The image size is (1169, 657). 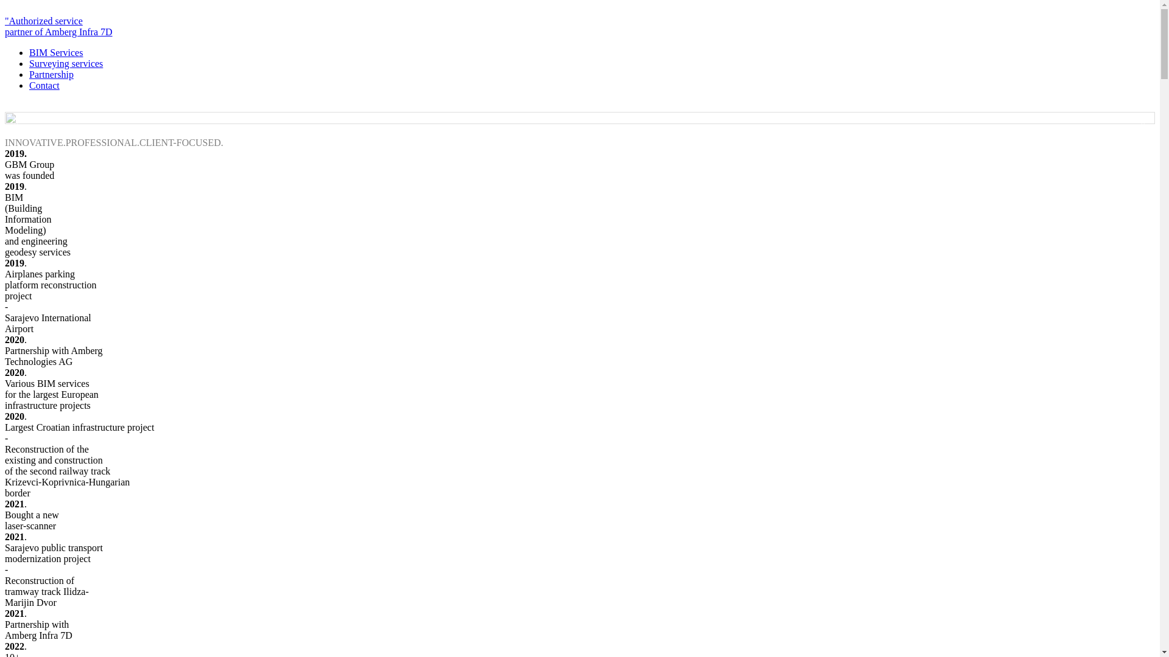 What do you see at coordinates (51, 74) in the screenshot?
I see `'Partnership'` at bounding box center [51, 74].